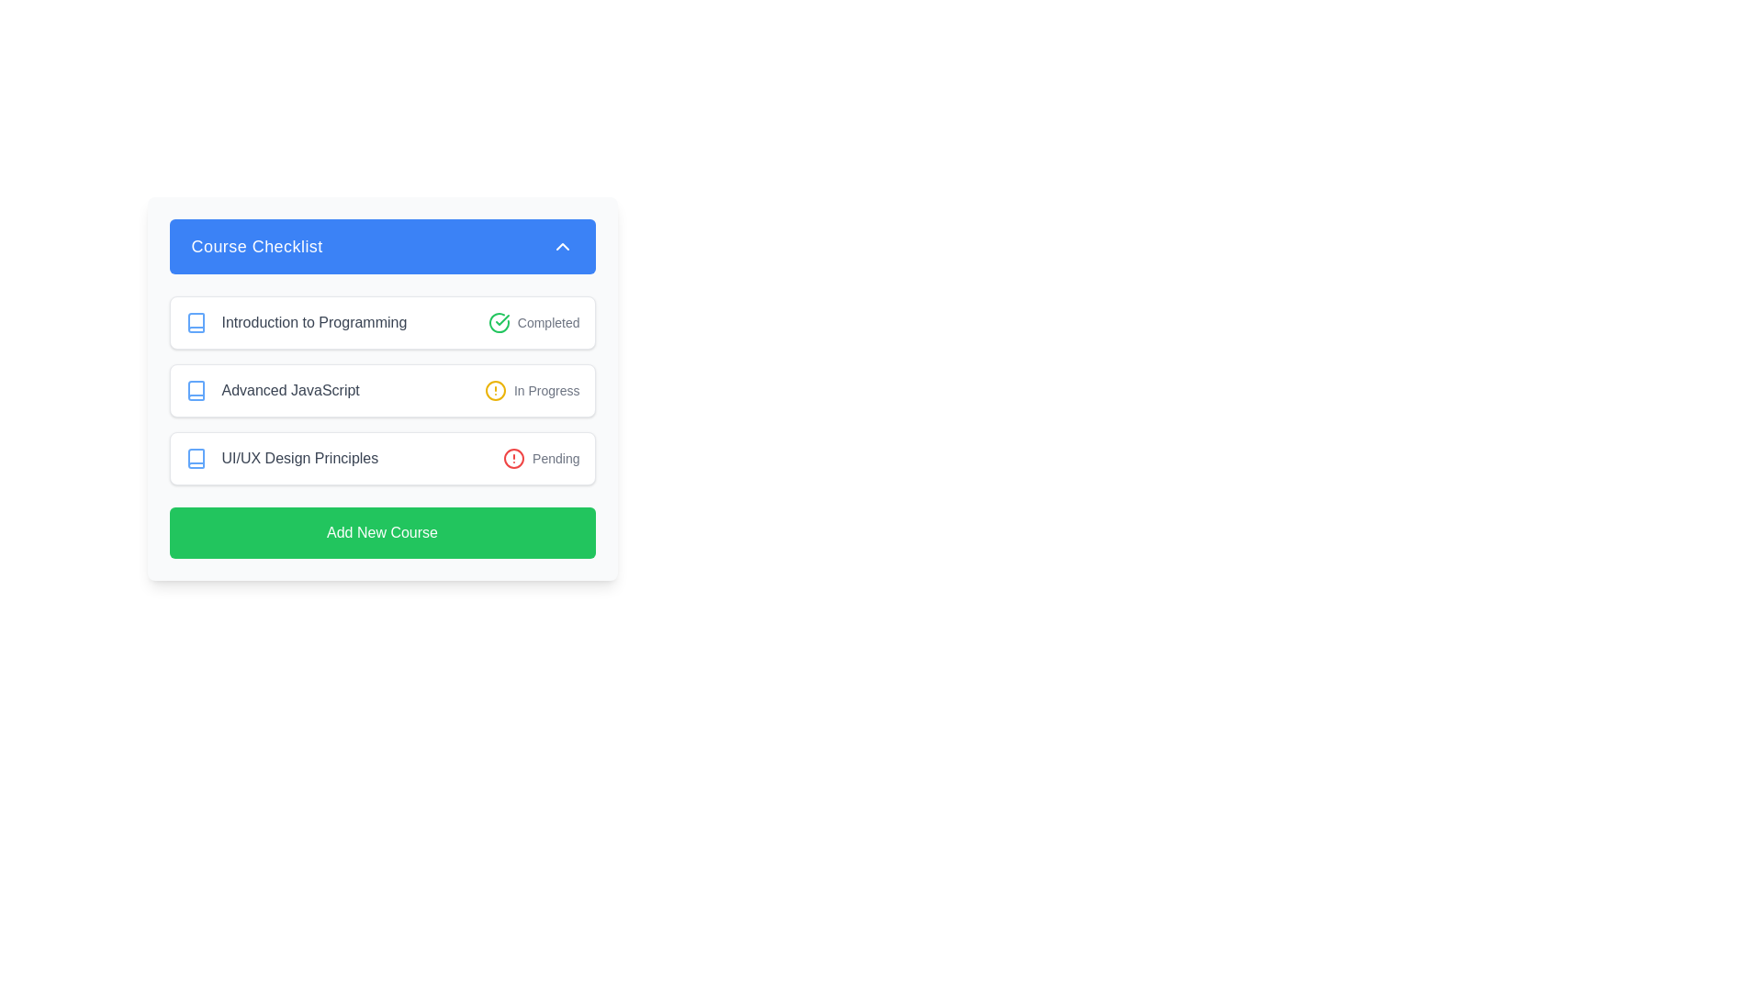 The height and width of the screenshot is (991, 1763). Describe the element at coordinates (196, 458) in the screenshot. I see `the book icon representing the course 'UI/UX Design Principles' located` at that location.